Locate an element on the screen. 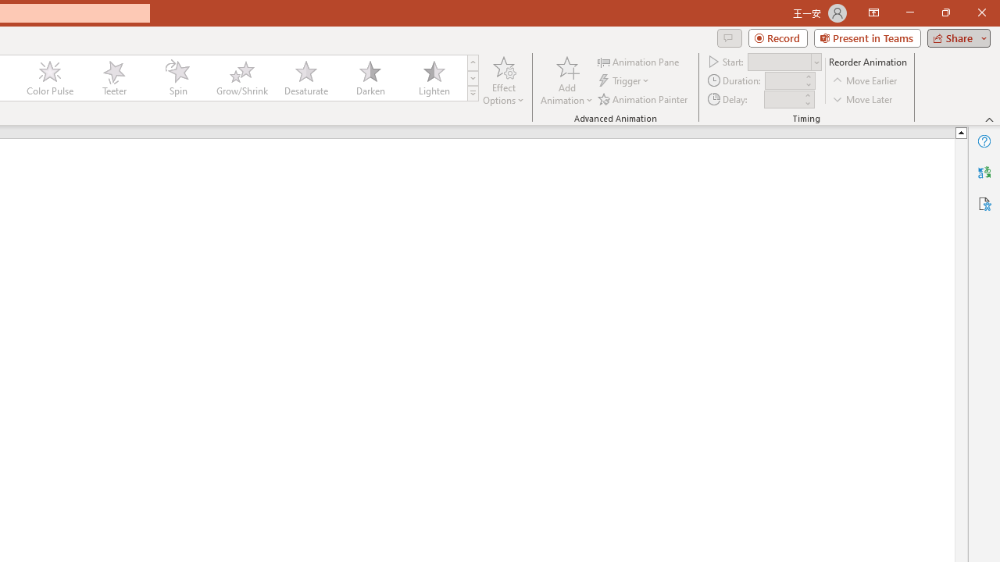  'Lighten' is located at coordinates (434, 78).